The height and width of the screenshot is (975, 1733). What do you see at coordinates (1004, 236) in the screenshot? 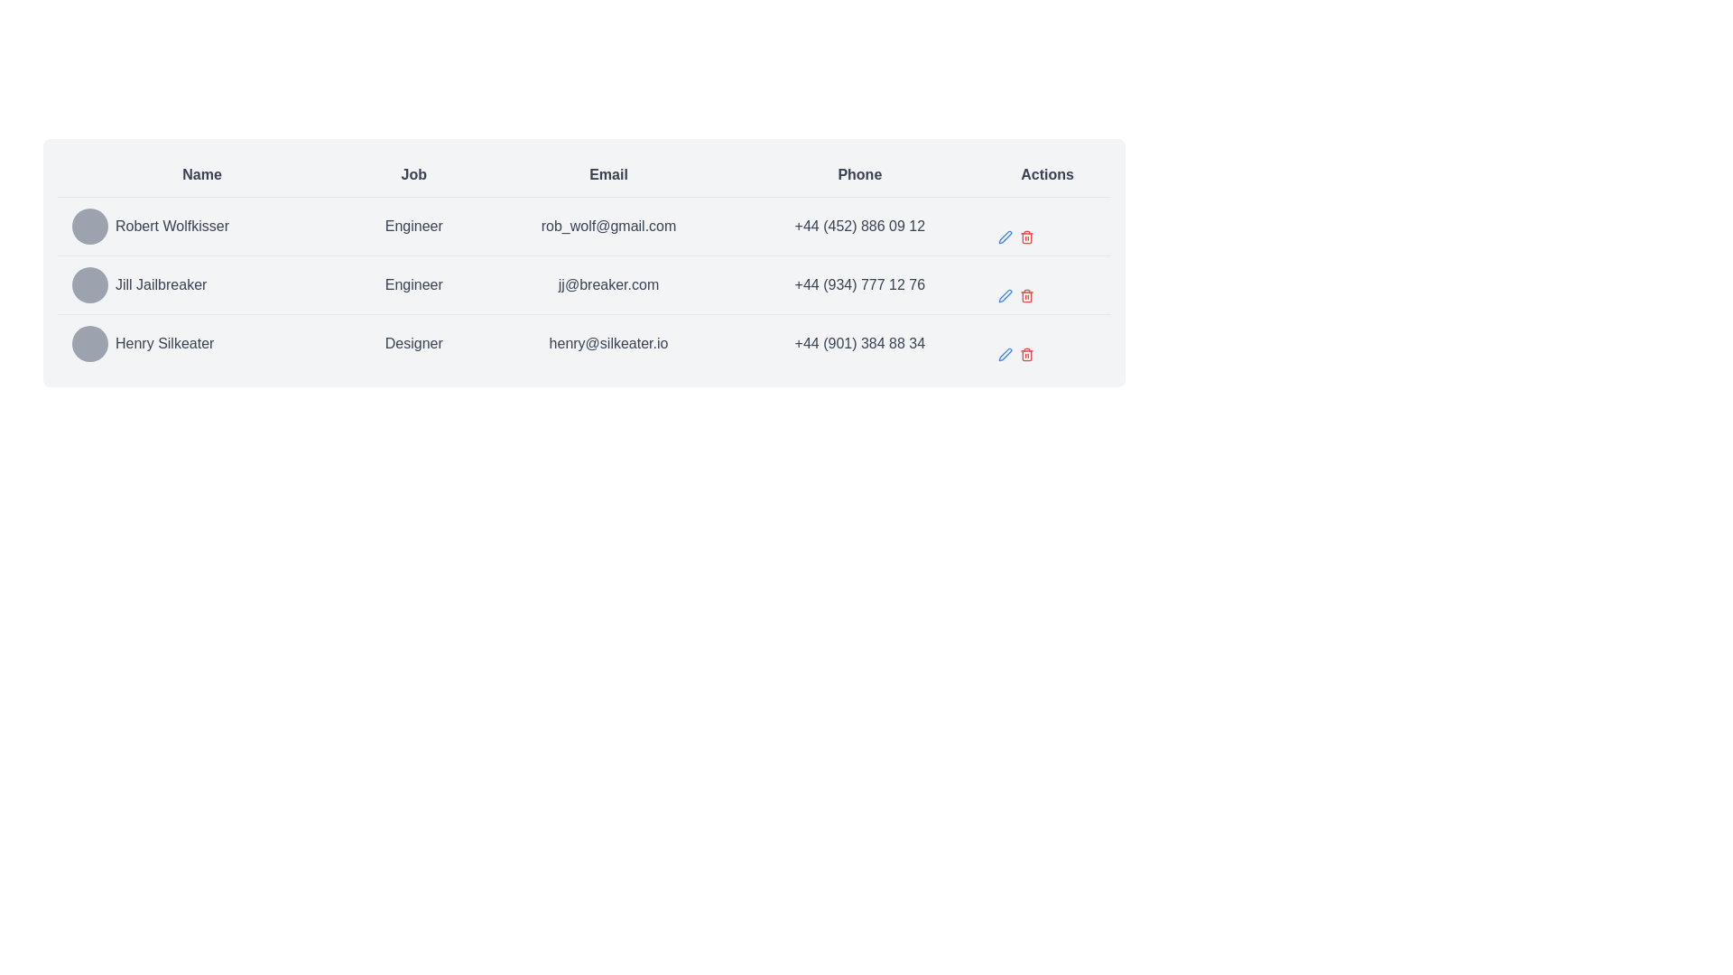
I see `the blue pen icon button located in the 'Actions' column of the second row` at bounding box center [1004, 236].